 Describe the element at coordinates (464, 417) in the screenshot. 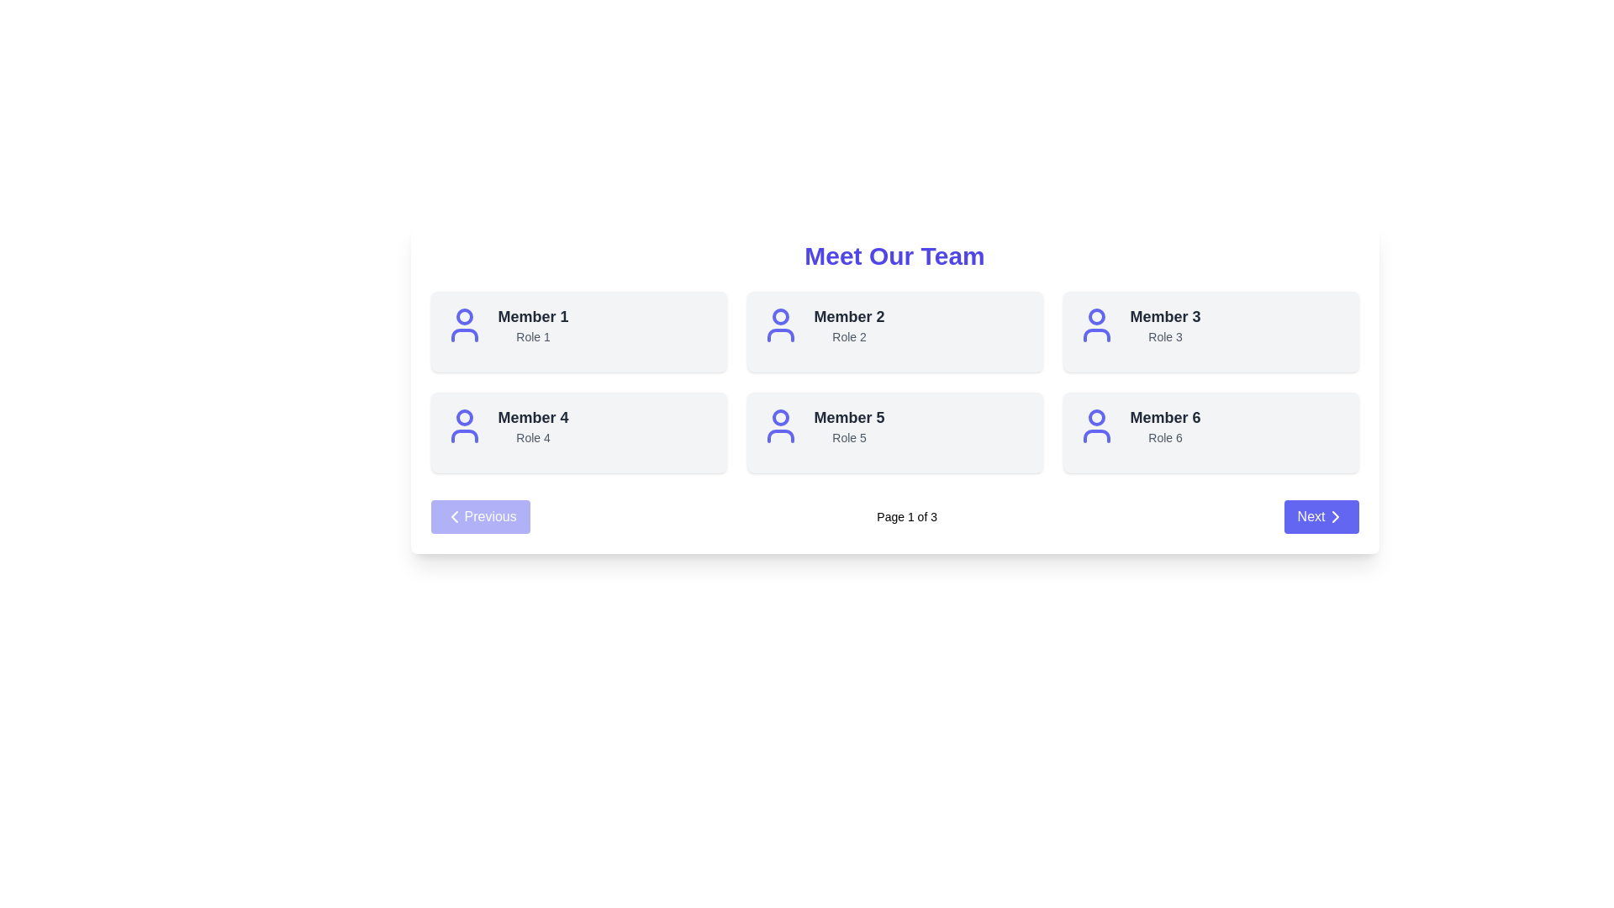

I see `the small circular graphic element inside the user profile icon for 'Member 4.'` at that location.